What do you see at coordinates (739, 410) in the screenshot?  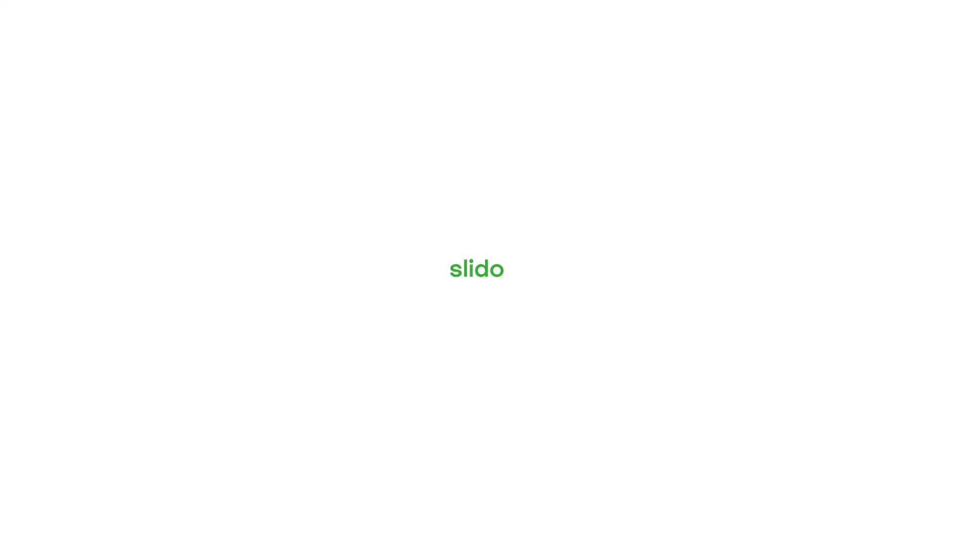 I see `6 replies` at bounding box center [739, 410].